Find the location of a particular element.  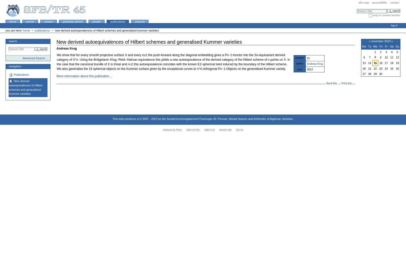

'by the' is located at coordinates (157, 119).